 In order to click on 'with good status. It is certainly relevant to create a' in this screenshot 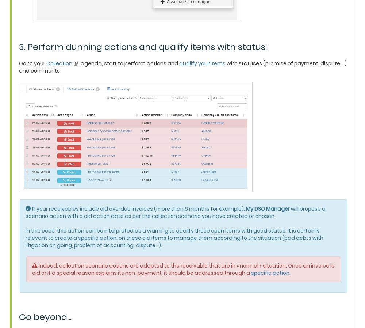, I will do `click(172, 234)`.